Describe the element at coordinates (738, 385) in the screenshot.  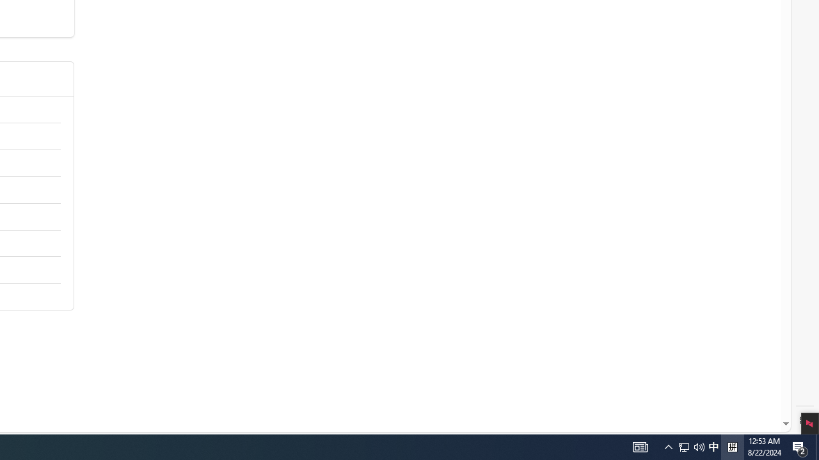
I see `'AutomationID: mfa_root'` at that location.